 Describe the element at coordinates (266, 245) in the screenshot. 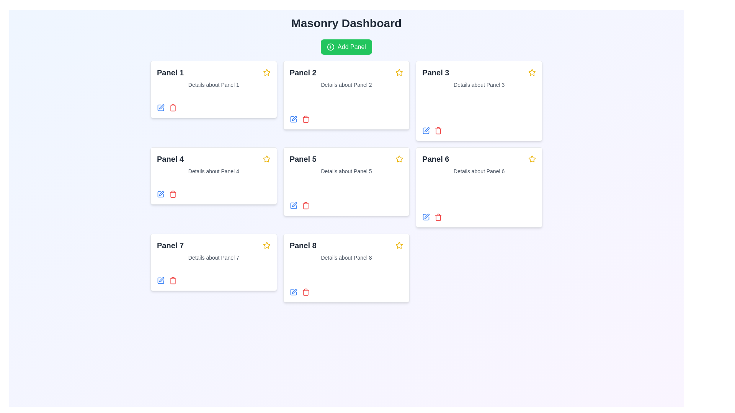

I see `the star button in the upper-right corner of 'Panel 7'` at that location.